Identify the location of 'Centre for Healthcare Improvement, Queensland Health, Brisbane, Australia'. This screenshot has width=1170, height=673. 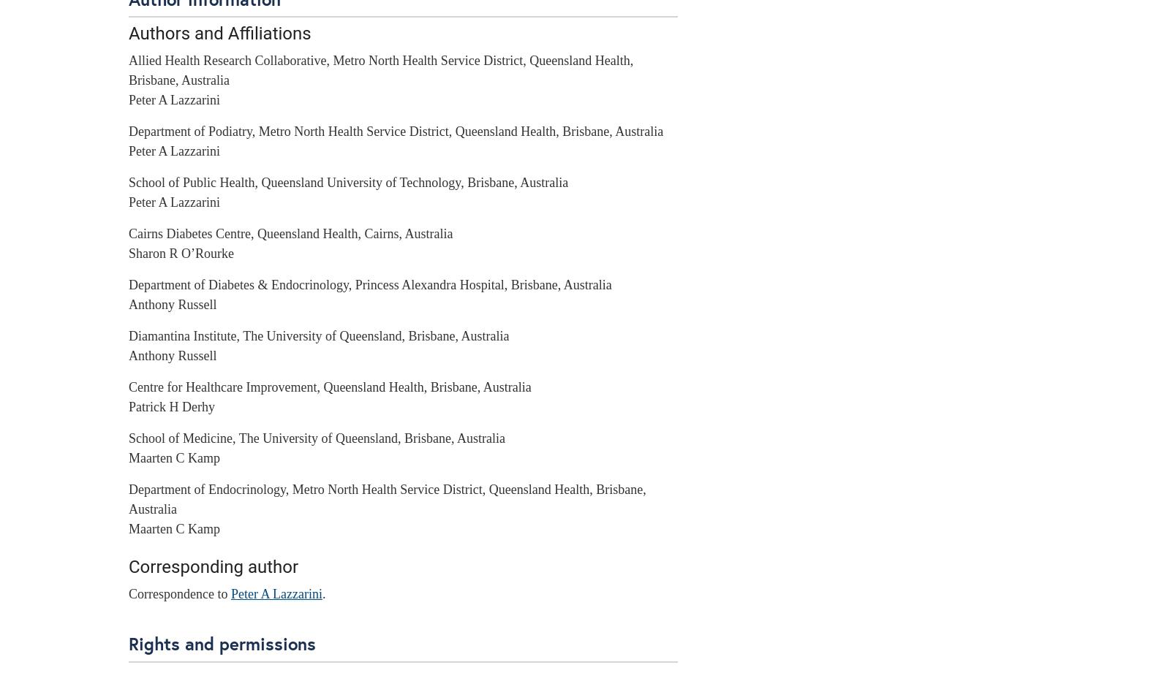
(329, 387).